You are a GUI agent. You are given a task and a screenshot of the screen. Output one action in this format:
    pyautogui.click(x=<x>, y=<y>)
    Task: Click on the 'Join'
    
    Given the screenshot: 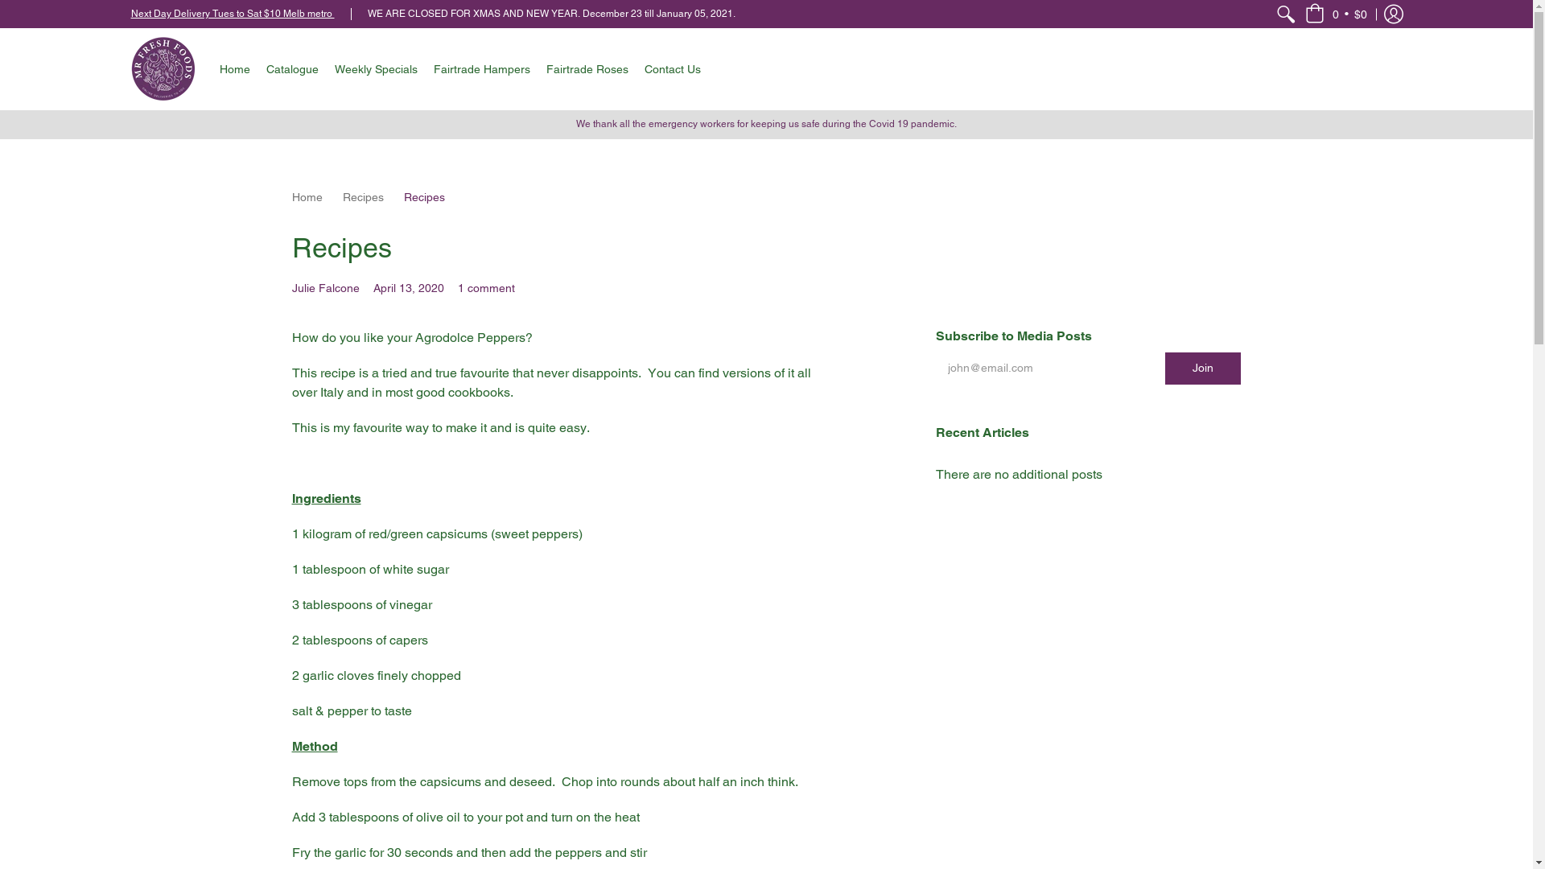 What is the action you would take?
    pyautogui.click(x=1203, y=369)
    